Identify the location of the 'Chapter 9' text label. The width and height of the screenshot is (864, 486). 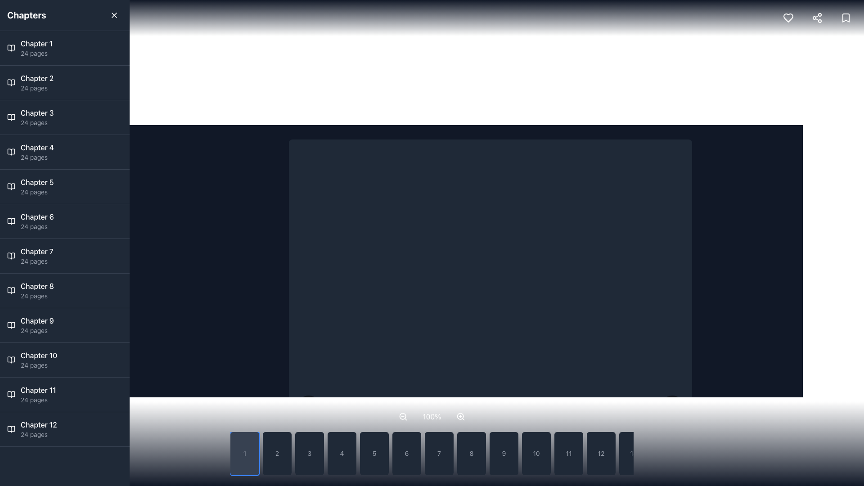
(36, 320).